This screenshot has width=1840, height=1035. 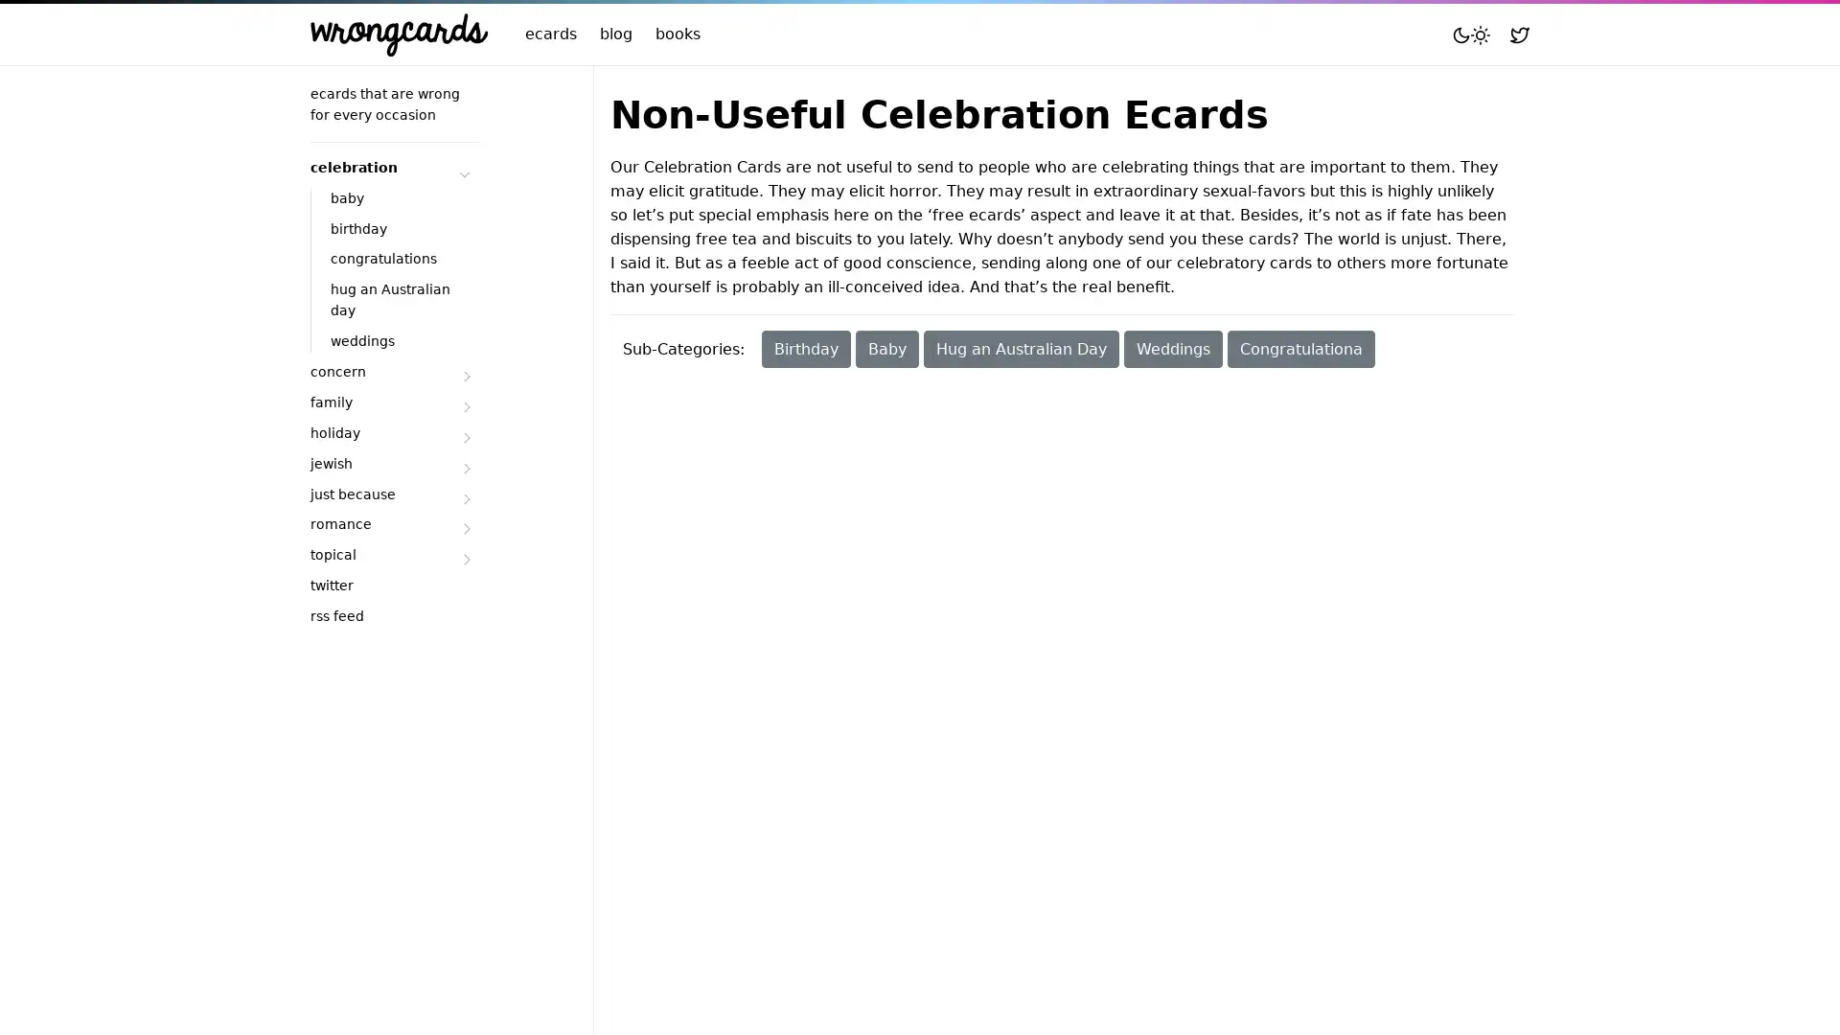 What do you see at coordinates (464, 528) in the screenshot?
I see `Submenu` at bounding box center [464, 528].